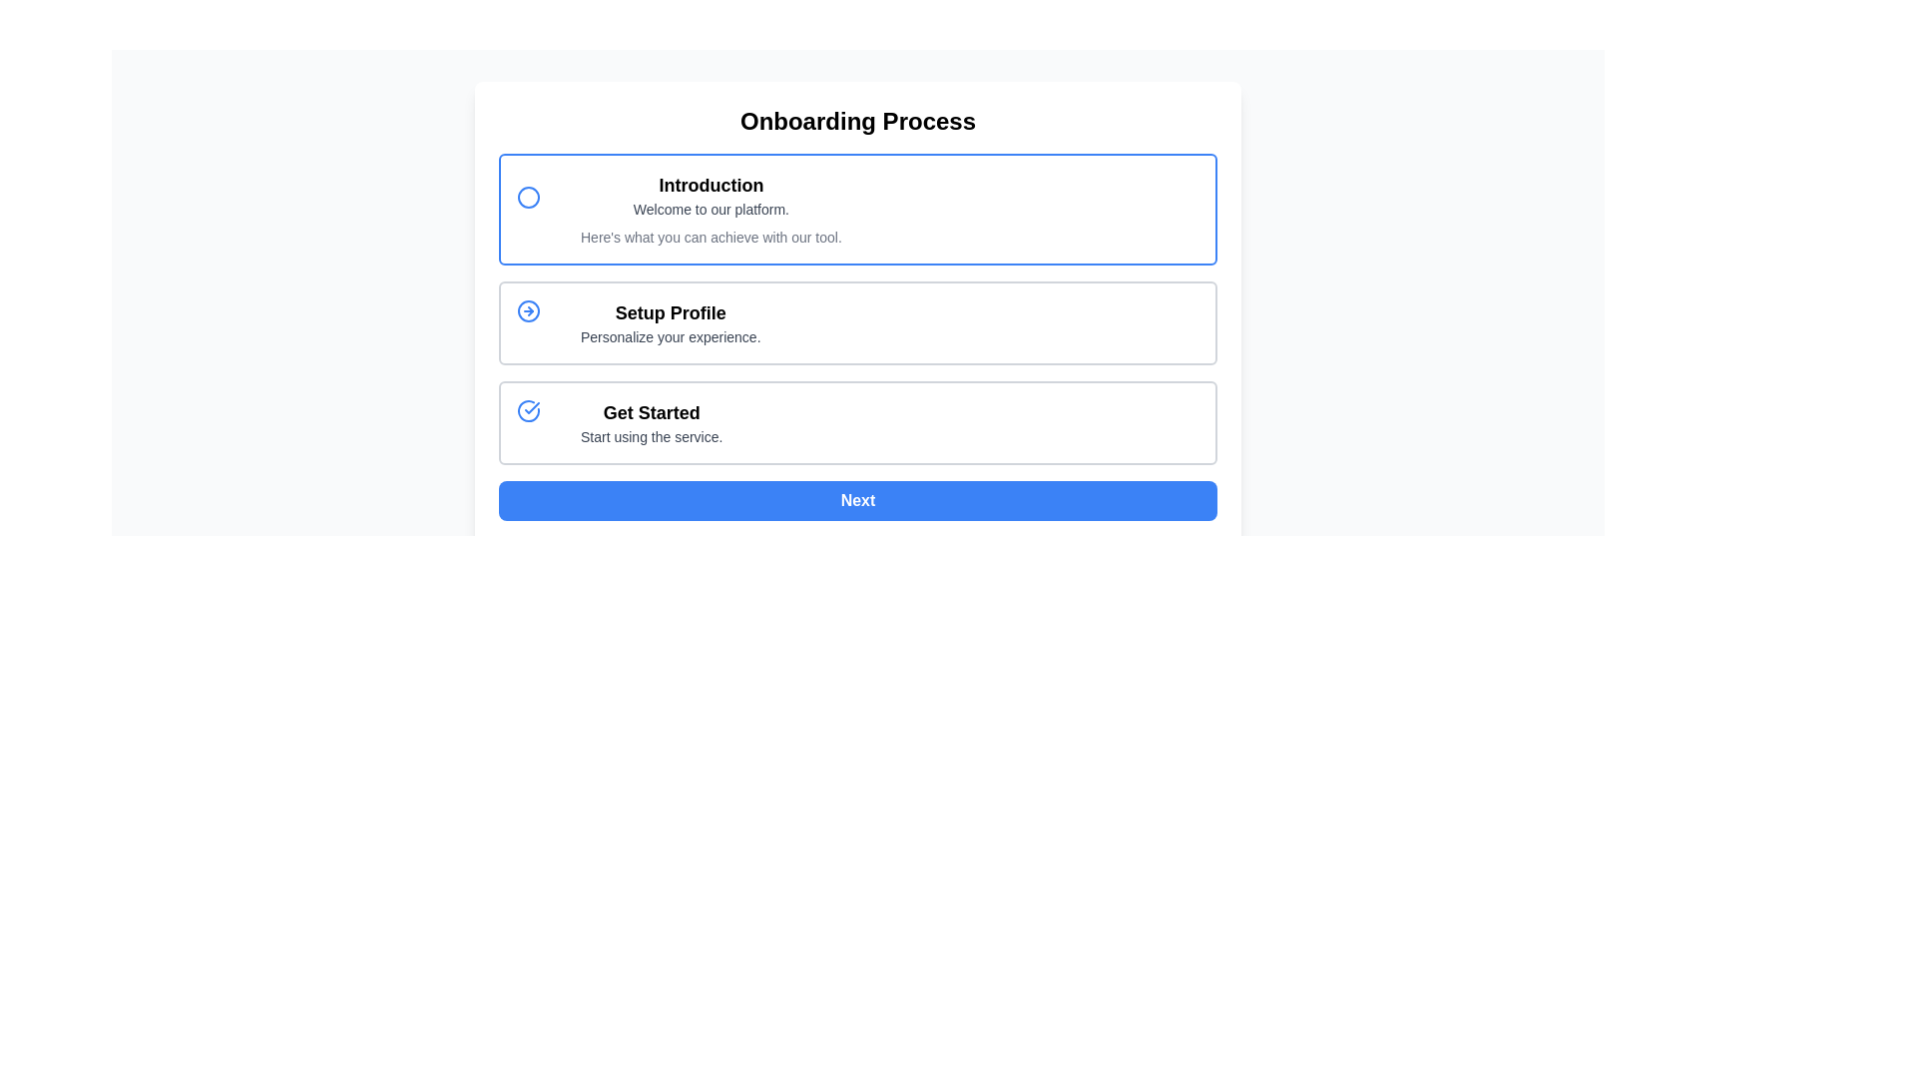  Describe the element at coordinates (711, 209) in the screenshot. I see `introductory text block that guides users about the platform and its features, located in the top-left area of the vertical list layout` at that location.